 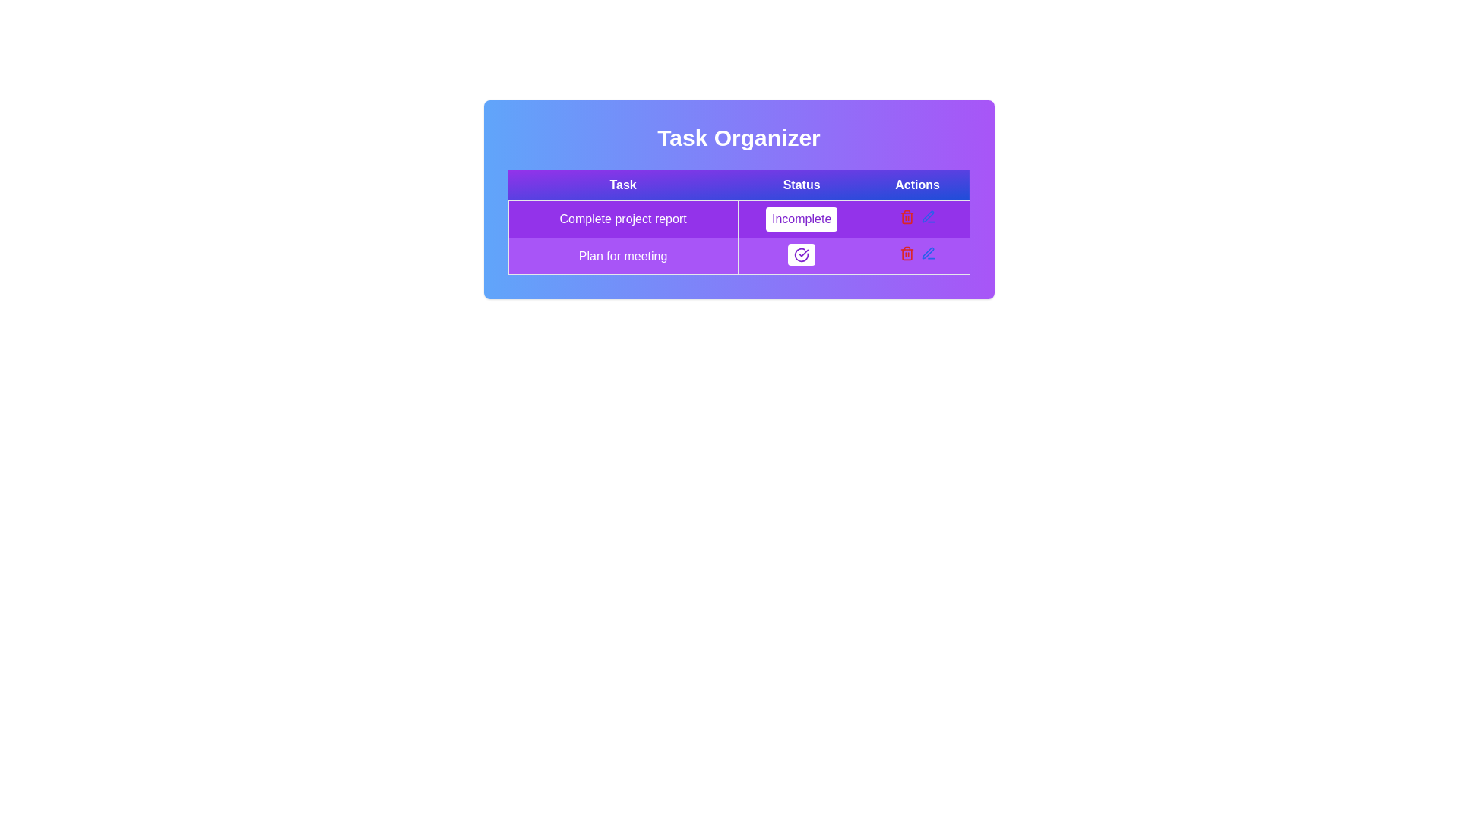 I want to click on the label or text display area located in the first row under the 'Task' column of the task management interface, so click(x=623, y=219).